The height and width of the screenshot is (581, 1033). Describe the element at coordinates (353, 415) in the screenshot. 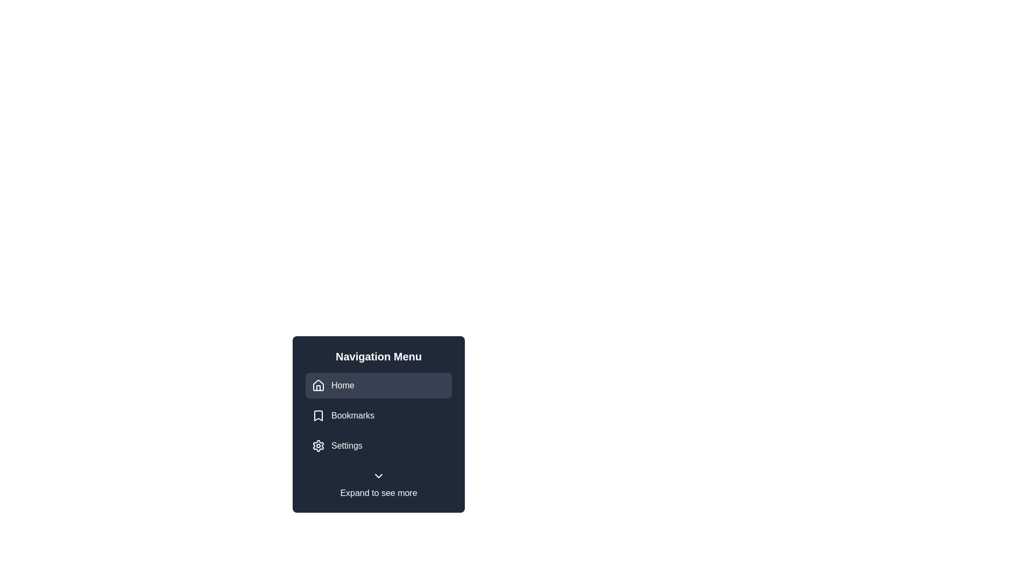

I see `the 'Bookmarks' text label located in the vertical navigation menu for accessibility purposes` at that location.